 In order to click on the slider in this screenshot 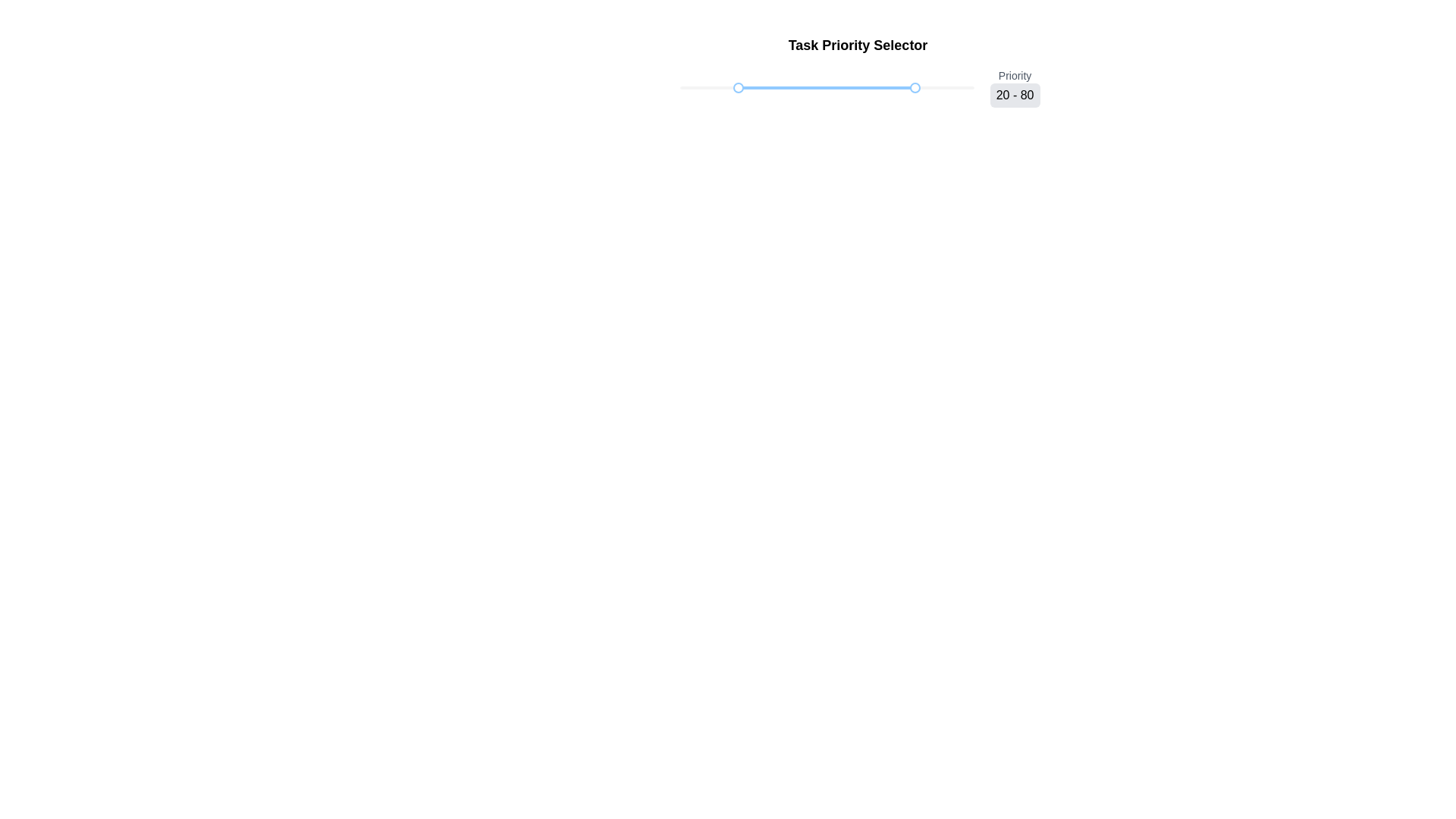, I will do `click(697, 87)`.